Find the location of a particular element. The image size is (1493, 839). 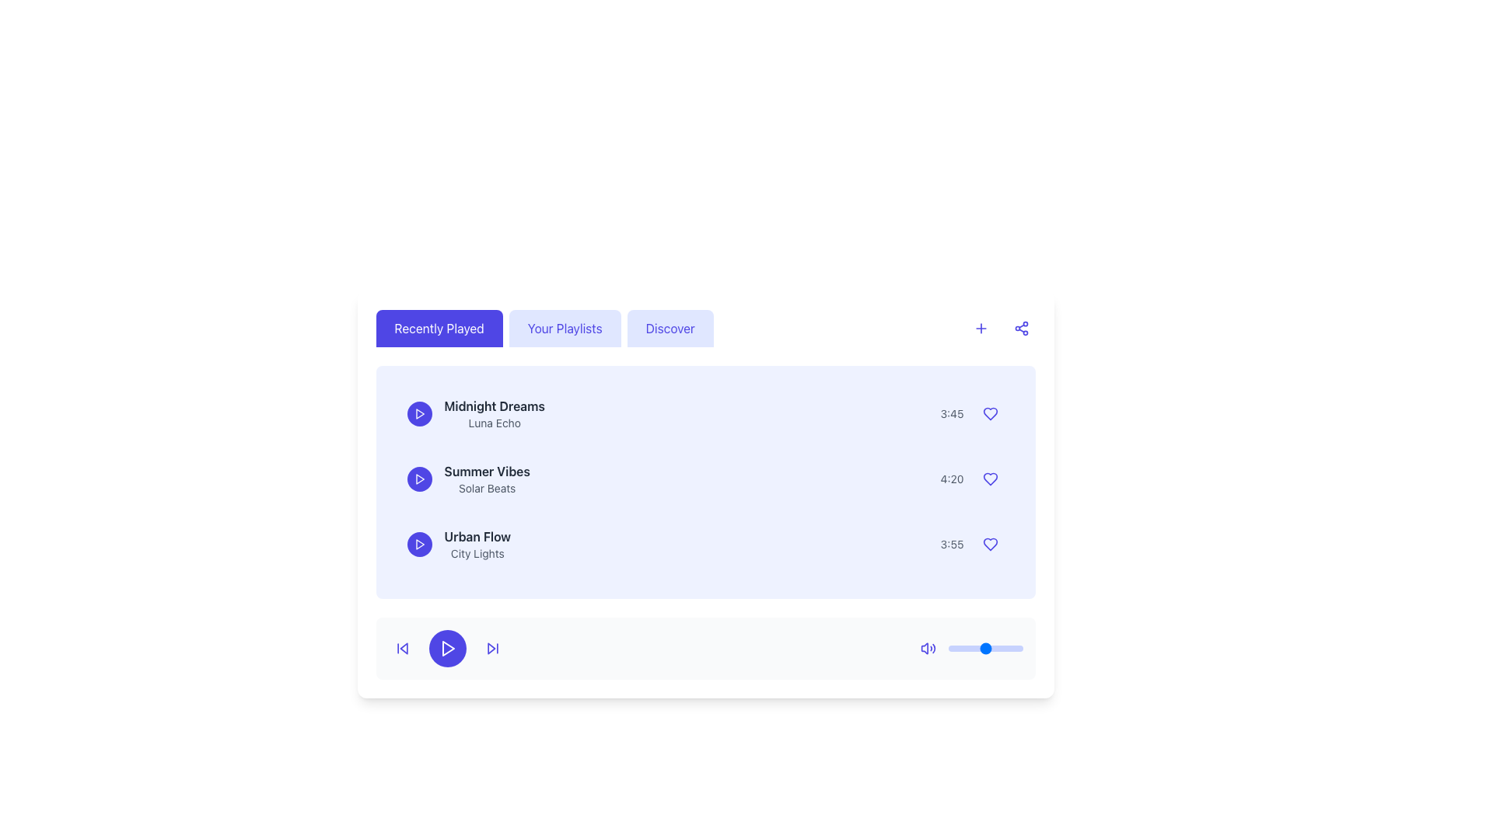

the play button icon located to the left of the 'Midnight Dreams' item to initiate playback is located at coordinates (420, 413).